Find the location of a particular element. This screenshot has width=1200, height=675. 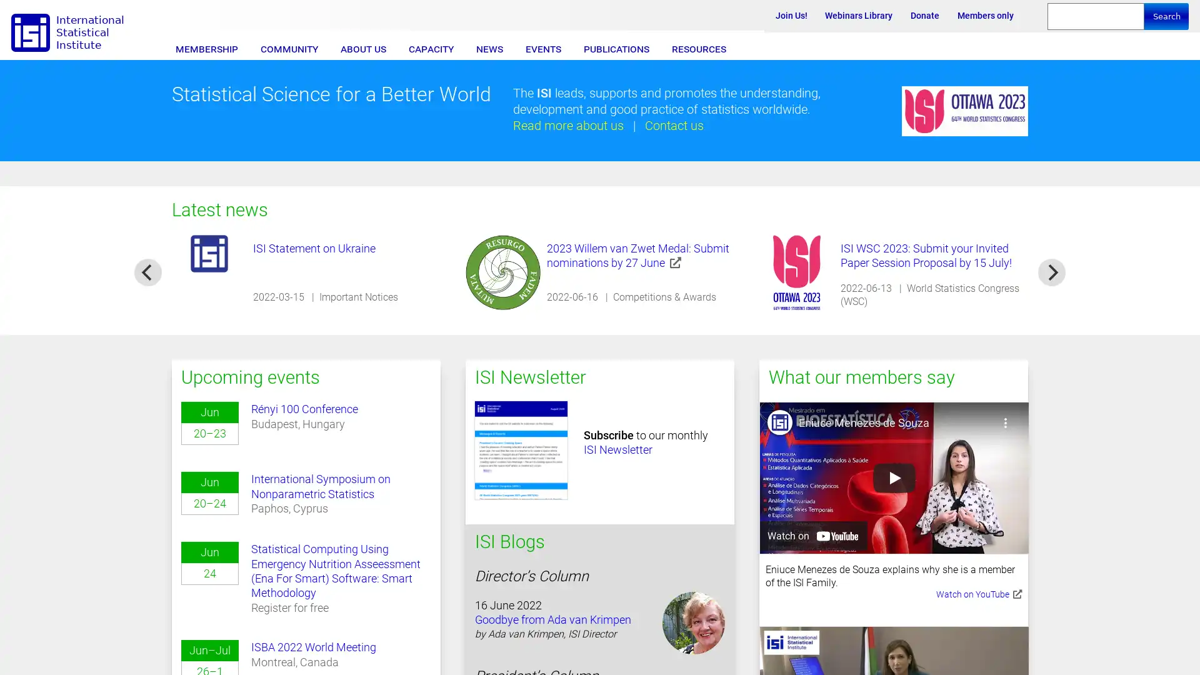

previous is located at coordinates (147, 271).